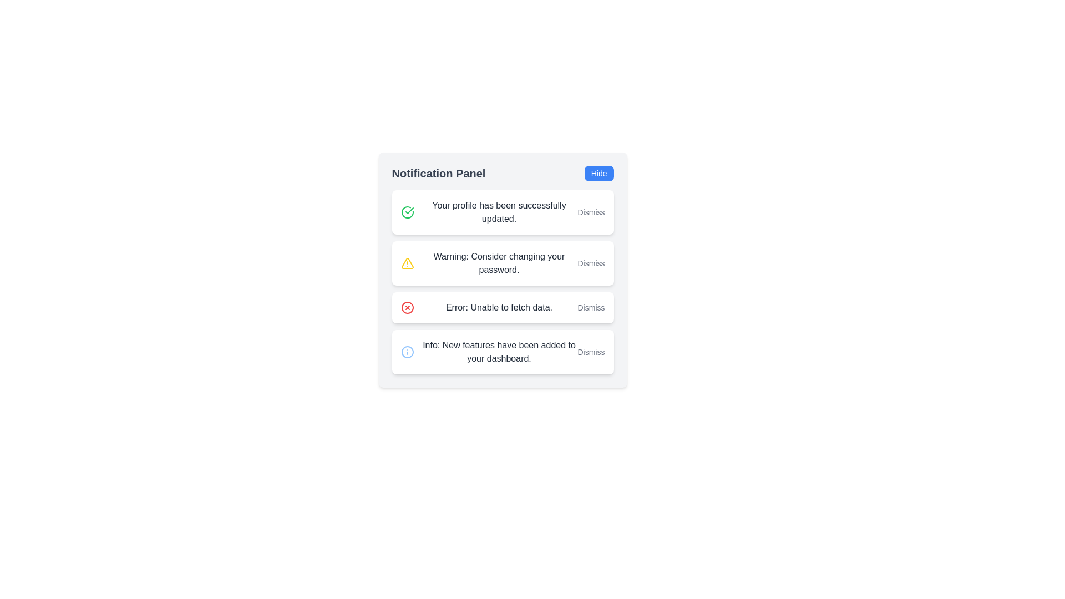 The image size is (1065, 599). I want to click on cautionary text label suggesting a password update located centrally within the notification card, positioned to the right of a yellow triangular warning icon and to the left of a 'Dismiss' hyperlink, so click(499, 263).